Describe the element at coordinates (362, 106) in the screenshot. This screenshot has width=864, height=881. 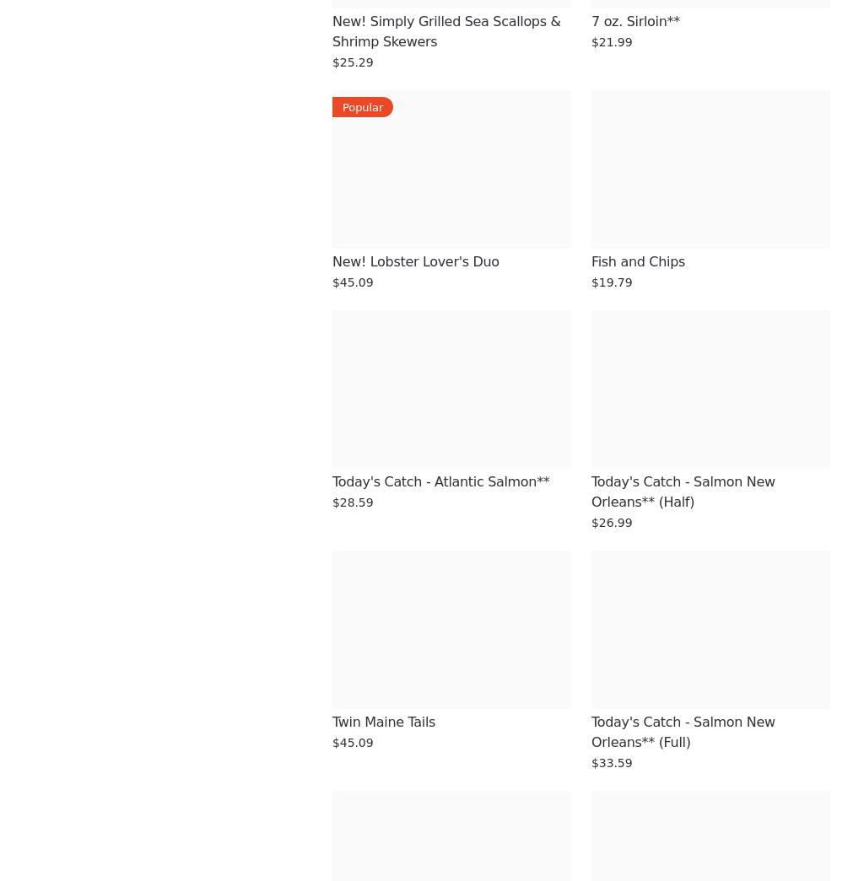
I see `'Popular'` at that location.